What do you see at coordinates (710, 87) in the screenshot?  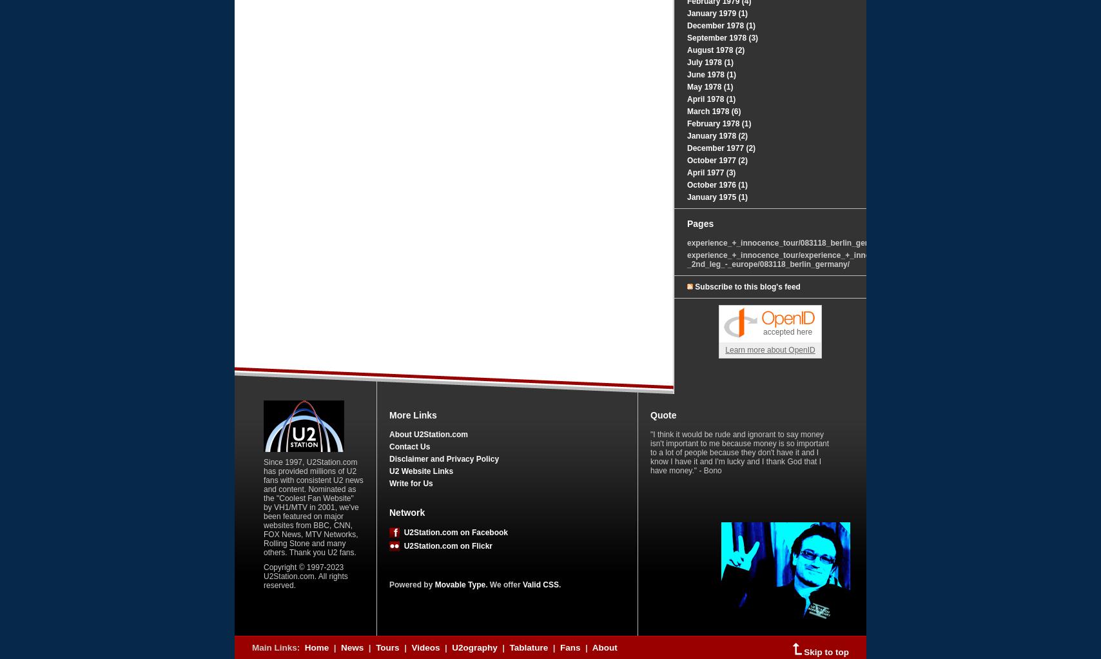 I see `'May 1978 (1)'` at bounding box center [710, 87].